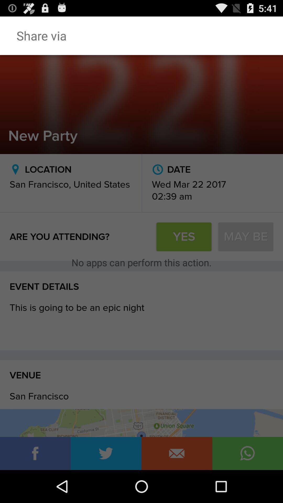  I want to click on the info icon, so click(35, 488).